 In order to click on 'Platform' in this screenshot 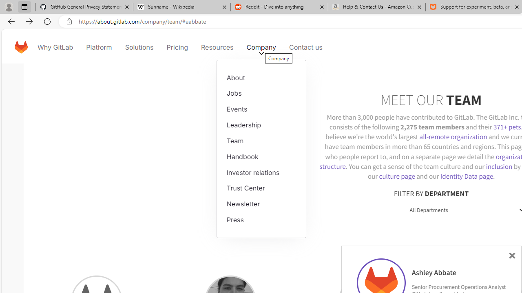, I will do `click(99, 47)`.